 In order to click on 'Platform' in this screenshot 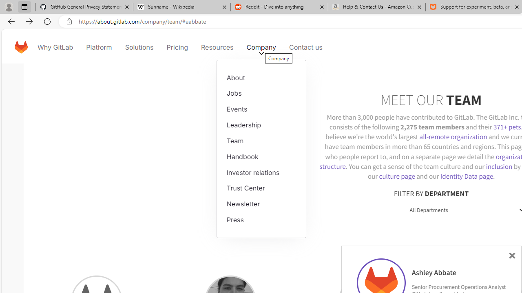, I will do `click(99, 47)`.